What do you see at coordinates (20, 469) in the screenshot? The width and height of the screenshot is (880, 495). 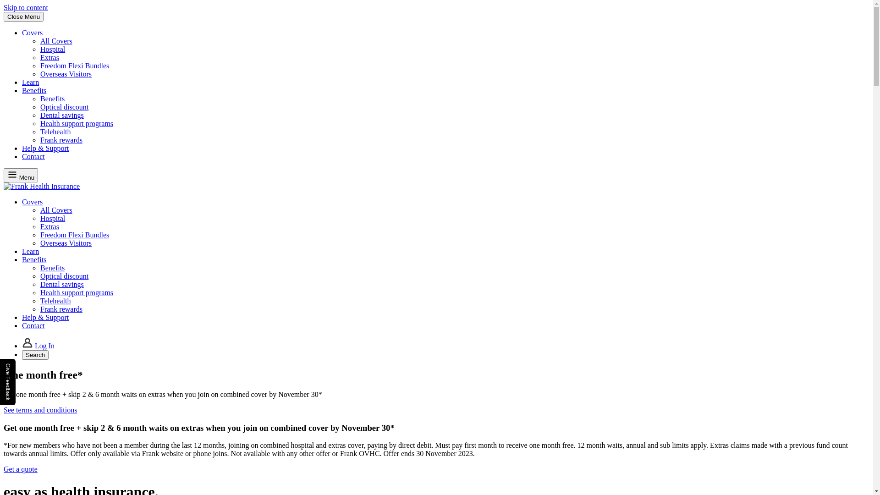 I see `'Get a quote'` at bounding box center [20, 469].